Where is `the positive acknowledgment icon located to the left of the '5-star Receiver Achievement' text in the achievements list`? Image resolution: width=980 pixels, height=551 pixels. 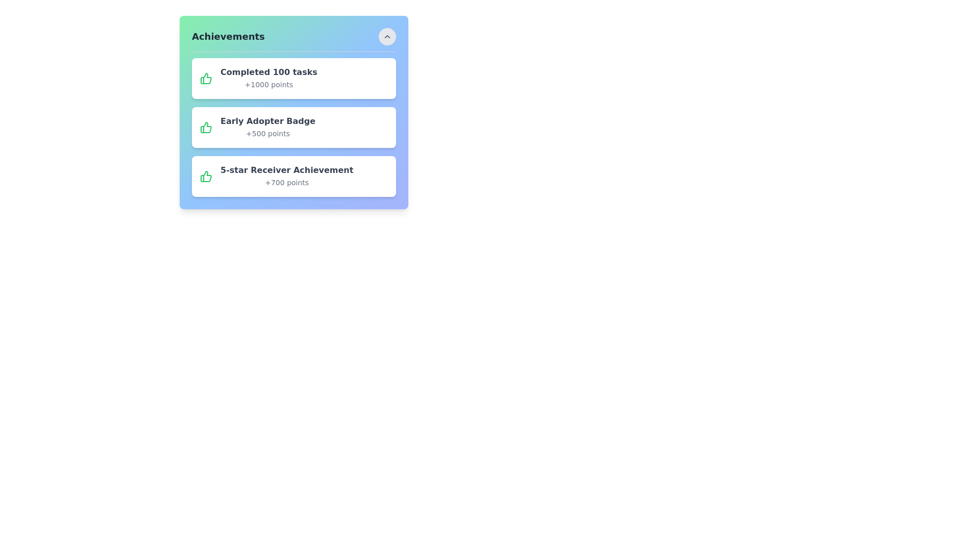
the positive acknowledgment icon located to the left of the '5-star Receiver Achievement' text in the achievements list is located at coordinates (205, 176).